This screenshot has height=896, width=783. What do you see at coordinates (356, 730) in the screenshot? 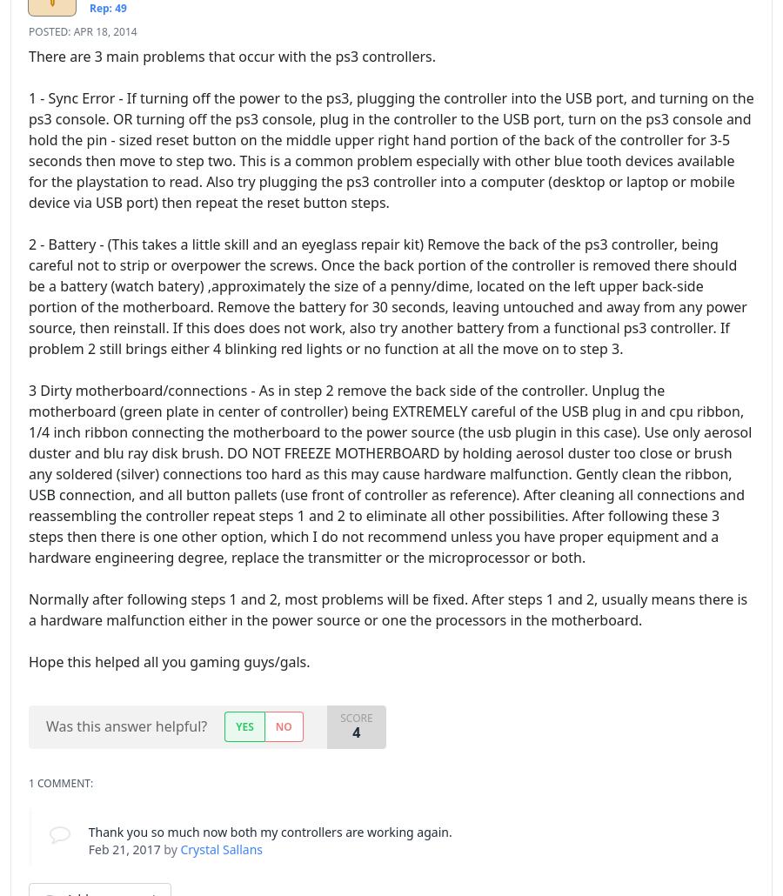
I see `'4'` at bounding box center [356, 730].